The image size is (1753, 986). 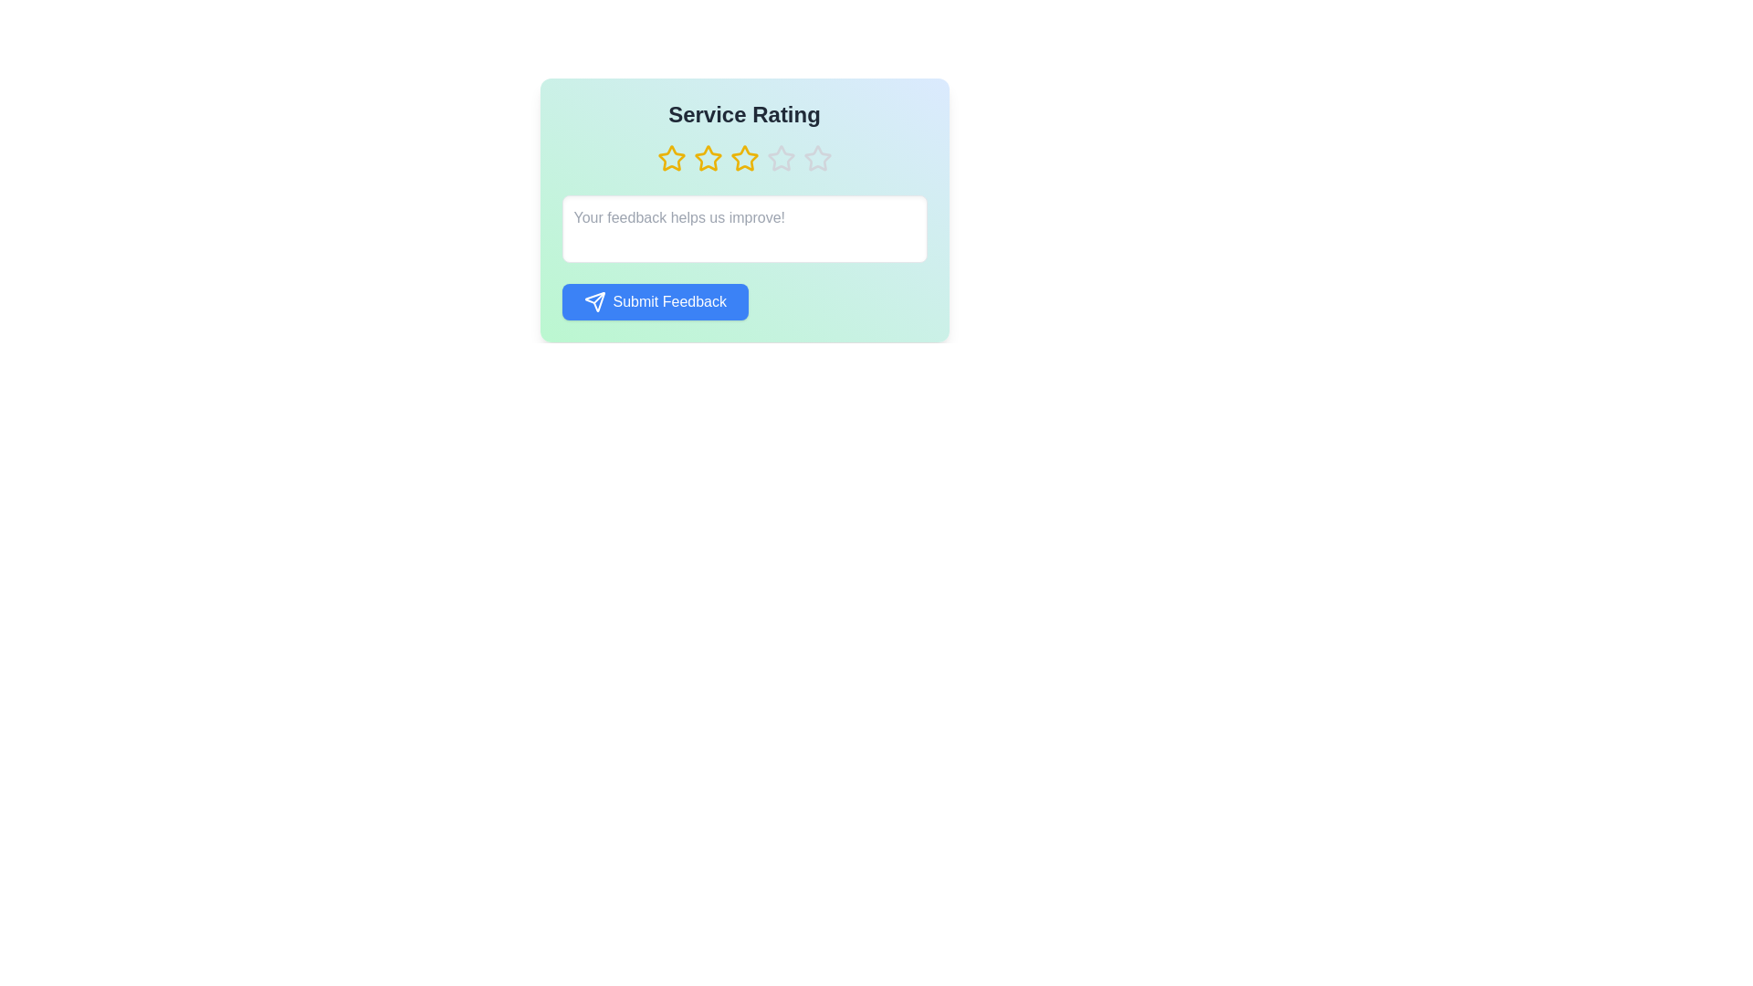 I want to click on the fourth star icon, so click(x=744, y=157).